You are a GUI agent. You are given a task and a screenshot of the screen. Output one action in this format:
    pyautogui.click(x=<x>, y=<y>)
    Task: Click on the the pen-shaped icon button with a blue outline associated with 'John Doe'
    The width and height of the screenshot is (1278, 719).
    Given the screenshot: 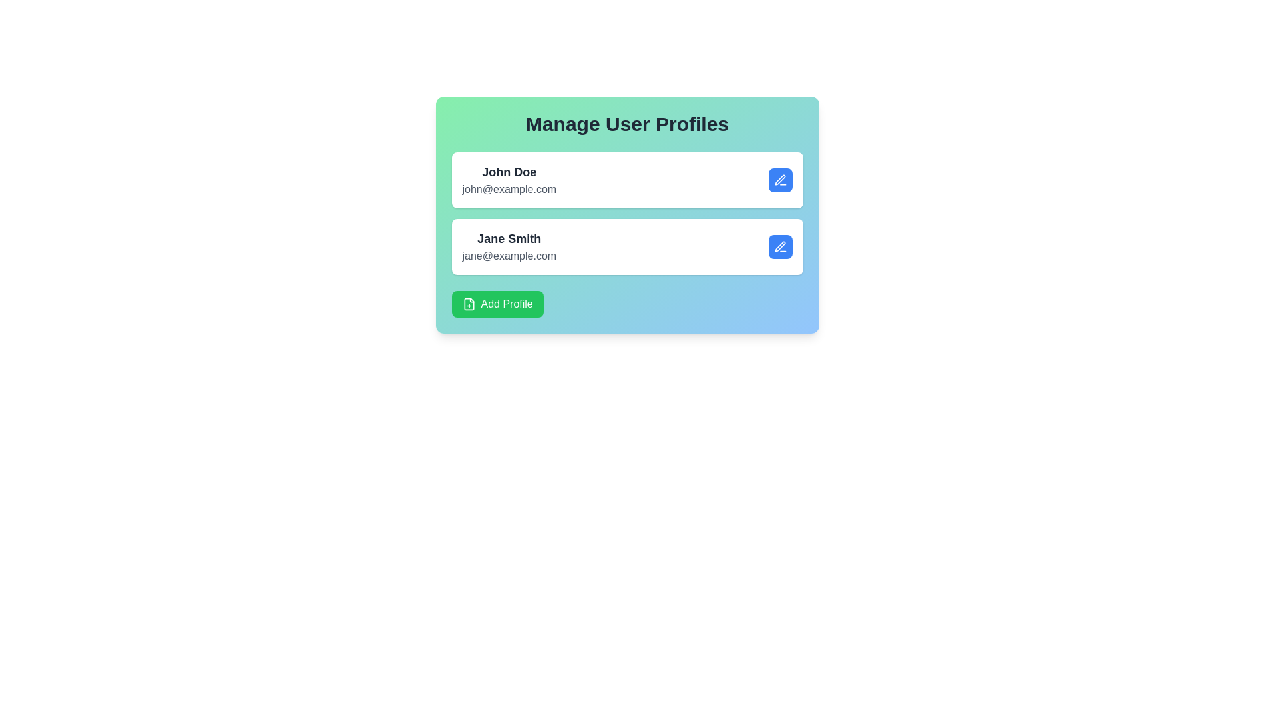 What is the action you would take?
    pyautogui.click(x=780, y=180)
    